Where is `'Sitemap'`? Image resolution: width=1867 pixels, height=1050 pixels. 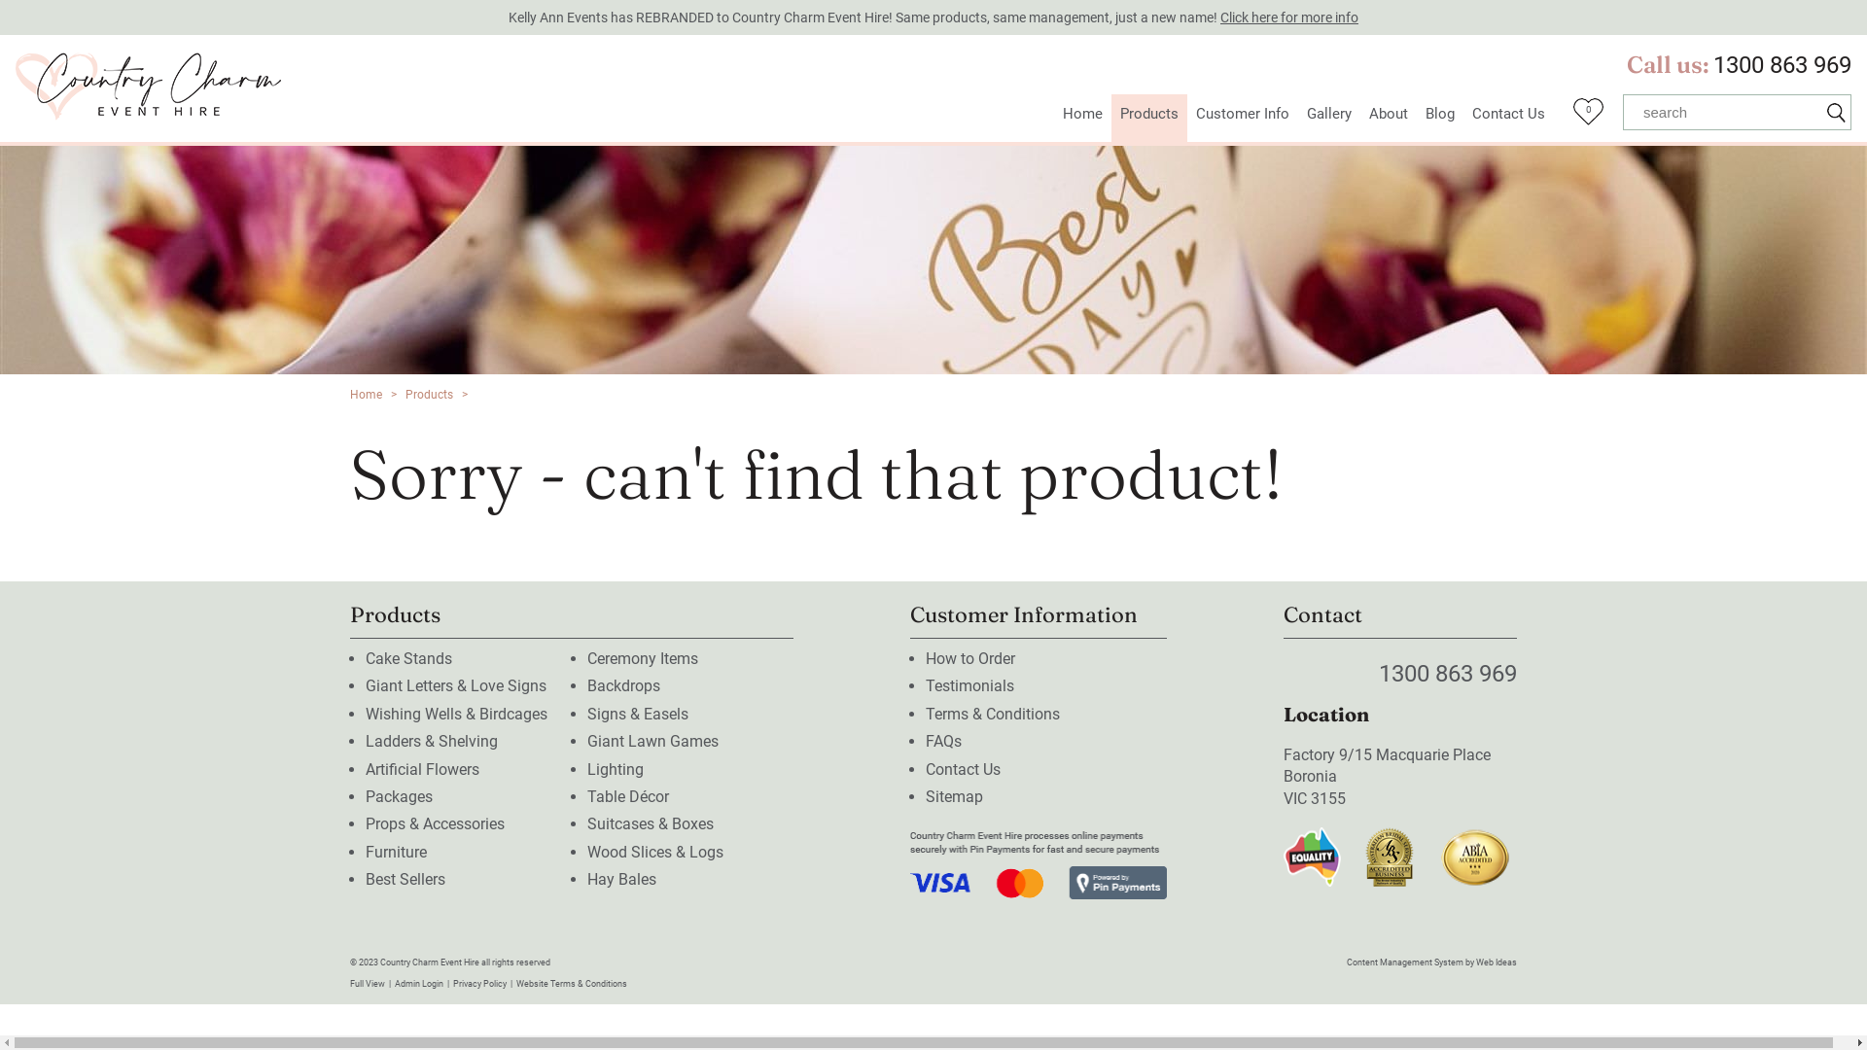 'Sitemap' is located at coordinates (954, 796).